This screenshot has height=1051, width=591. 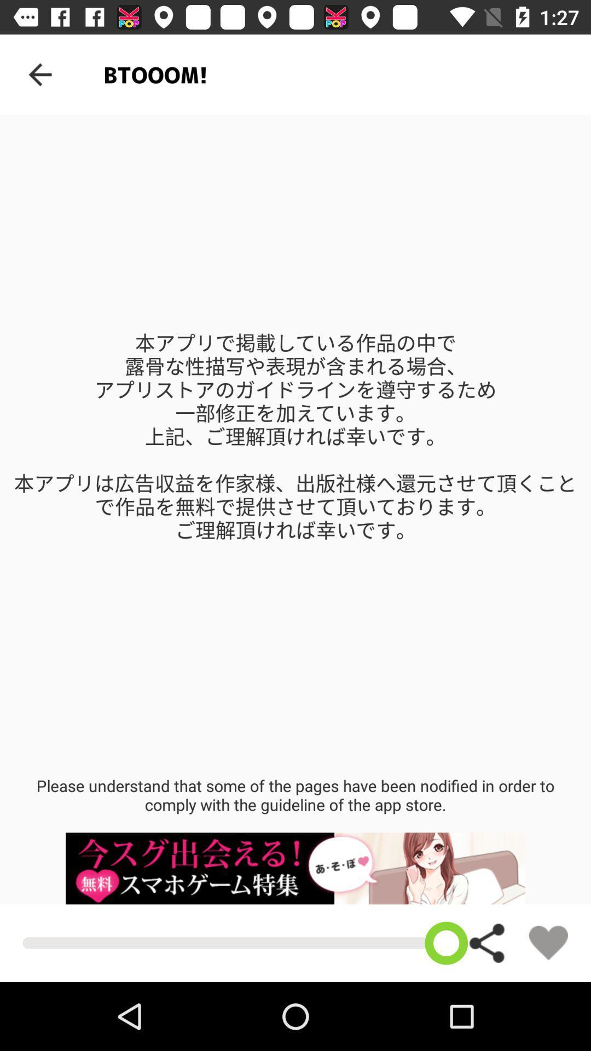 I want to click on the favorite icon, so click(x=548, y=942).